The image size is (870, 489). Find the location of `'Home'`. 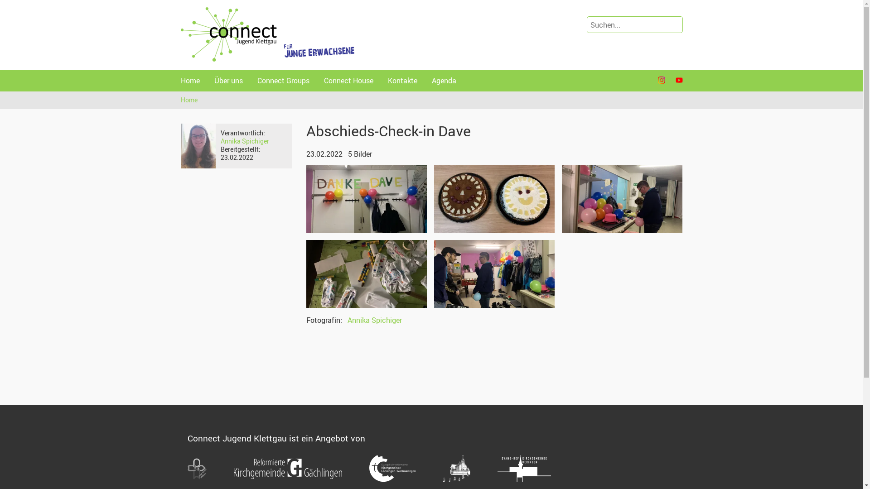

'Home' is located at coordinates (189, 80).